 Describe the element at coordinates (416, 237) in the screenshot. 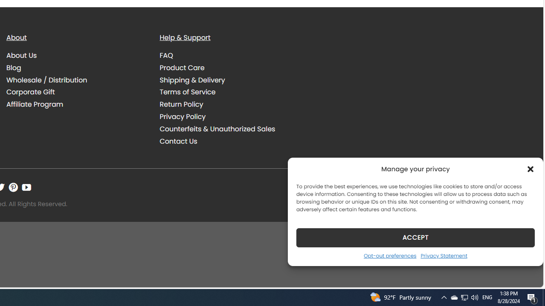

I see `'ACCEPT'` at that location.